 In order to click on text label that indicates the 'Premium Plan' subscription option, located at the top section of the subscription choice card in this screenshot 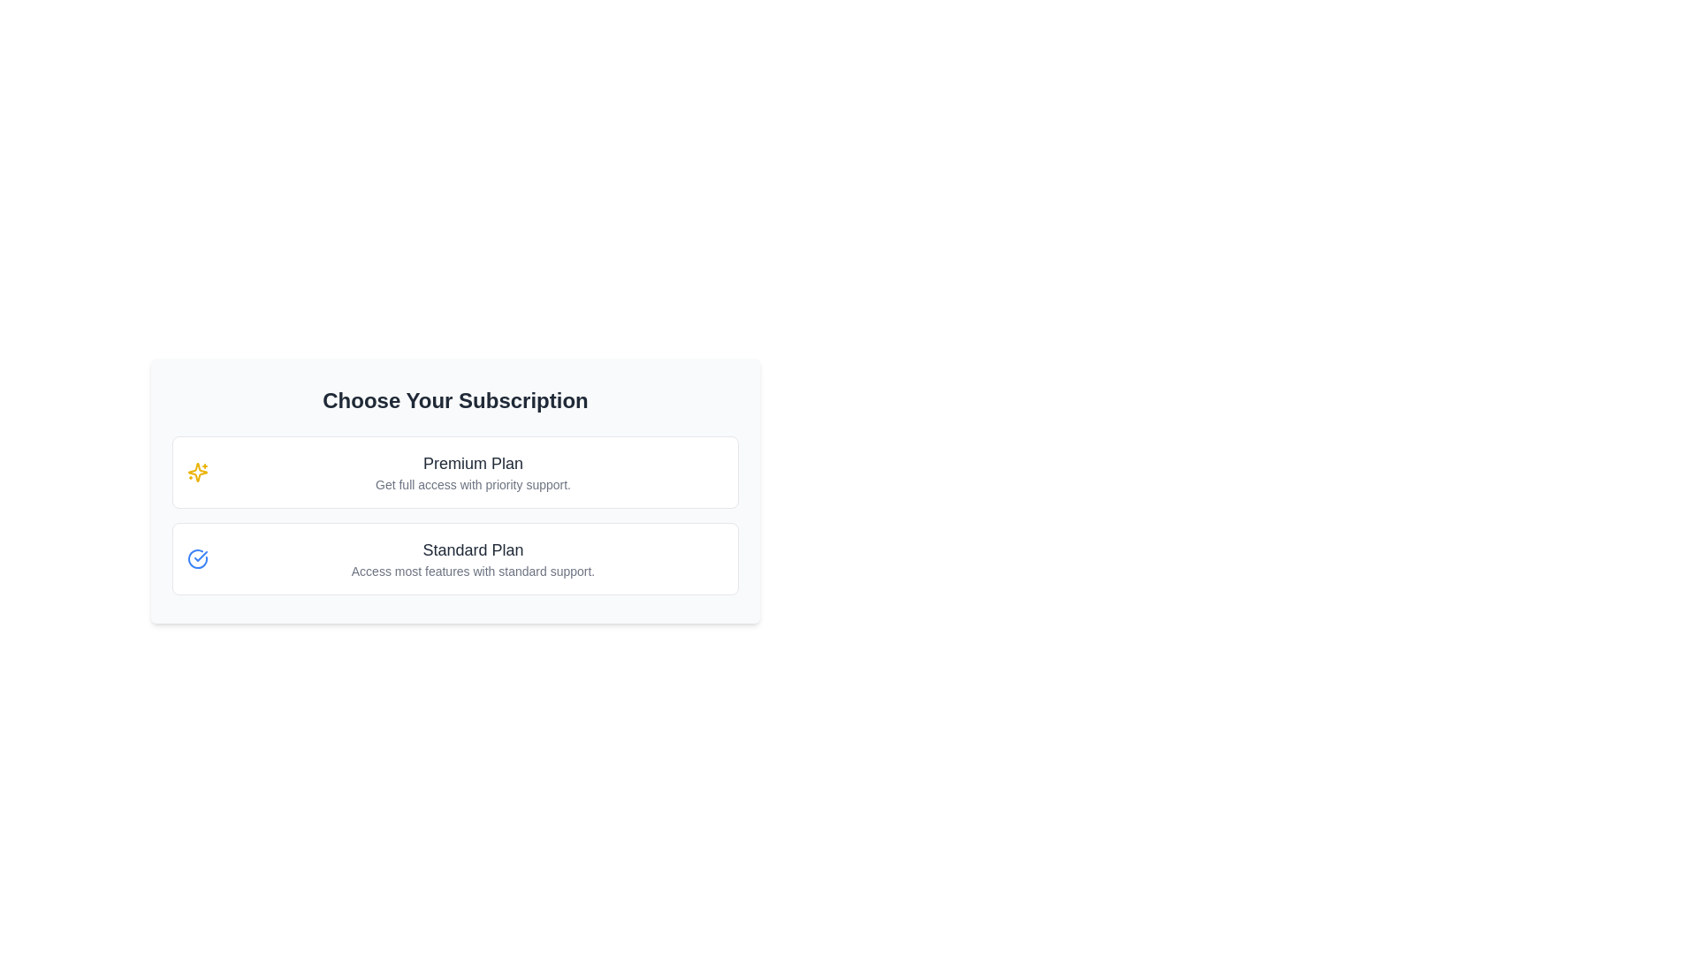, I will do `click(473, 462)`.